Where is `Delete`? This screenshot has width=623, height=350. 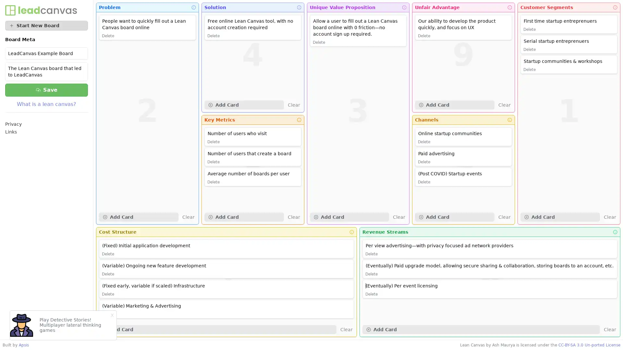 Delete is located at coordinates (424, 161).